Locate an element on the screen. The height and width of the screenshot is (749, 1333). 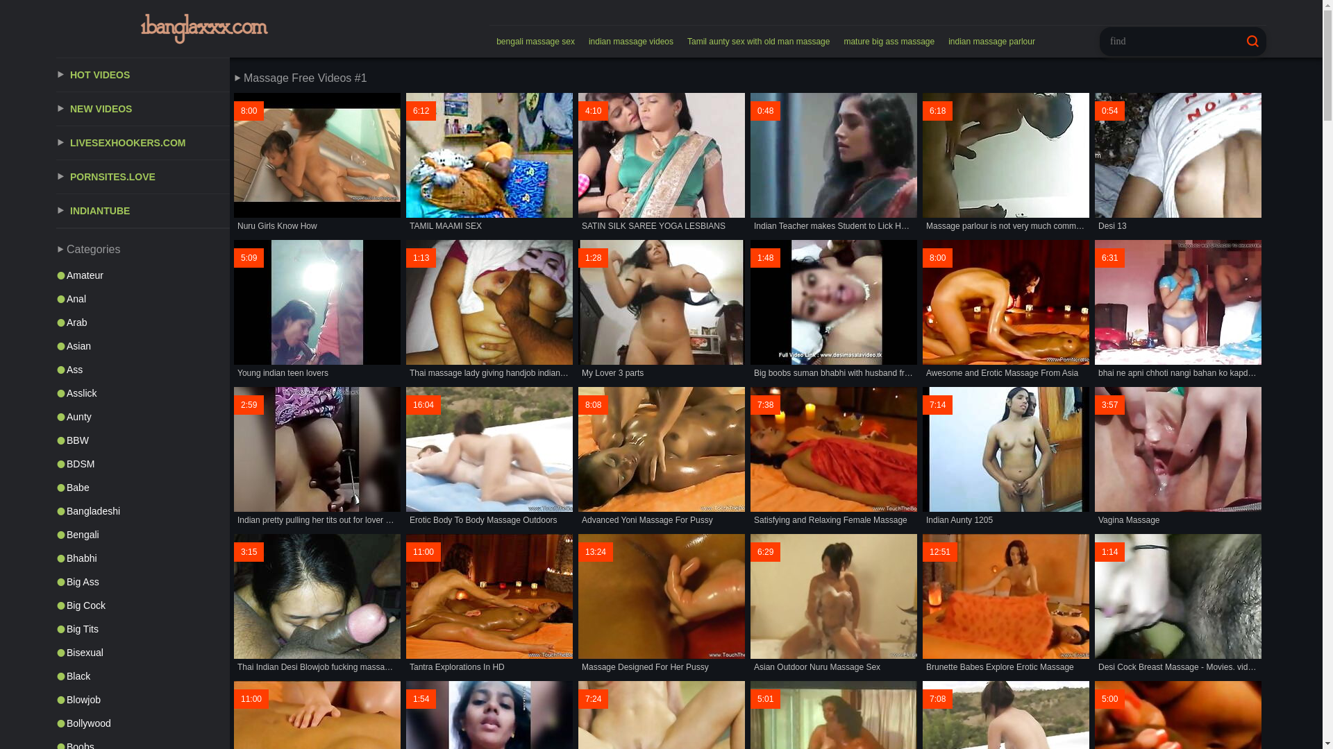
'12:51 is located at coordinates (923, 603).